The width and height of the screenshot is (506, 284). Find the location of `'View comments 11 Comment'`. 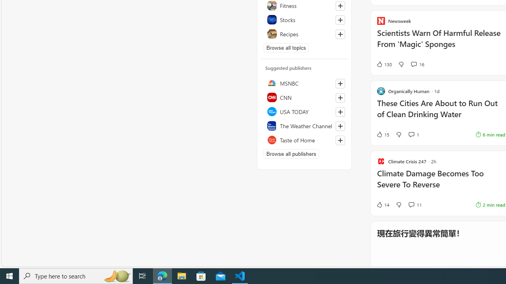

'View comments 11 Comment' is located at coordinates (414, 204).